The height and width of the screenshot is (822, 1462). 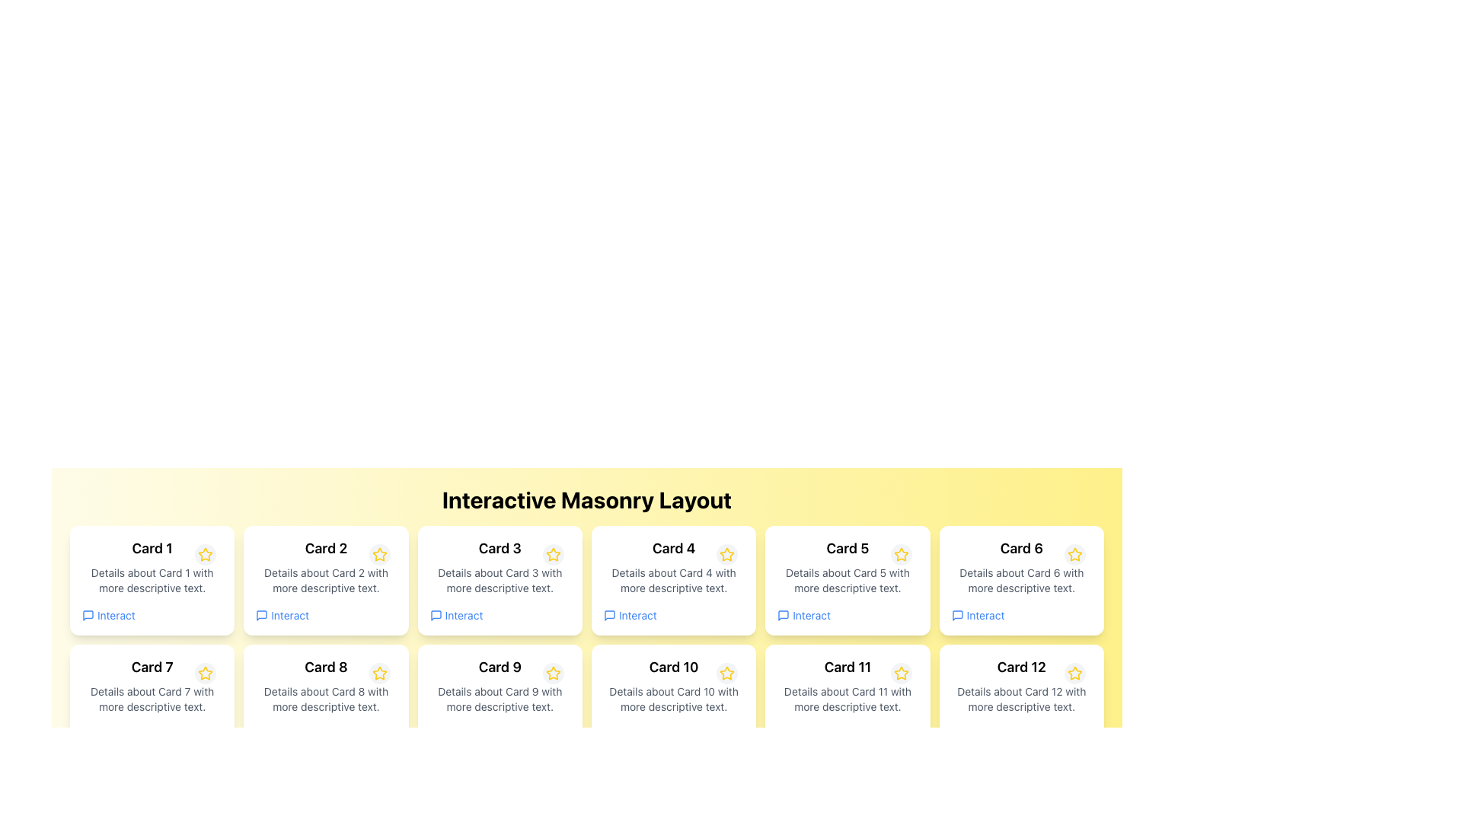 I want to click on the Text label that serves as a title for the 'Card 12' card, located at the top center of the card, above the descriptive text and to the left of the interactive star icon, so click(x=1021, y=666).